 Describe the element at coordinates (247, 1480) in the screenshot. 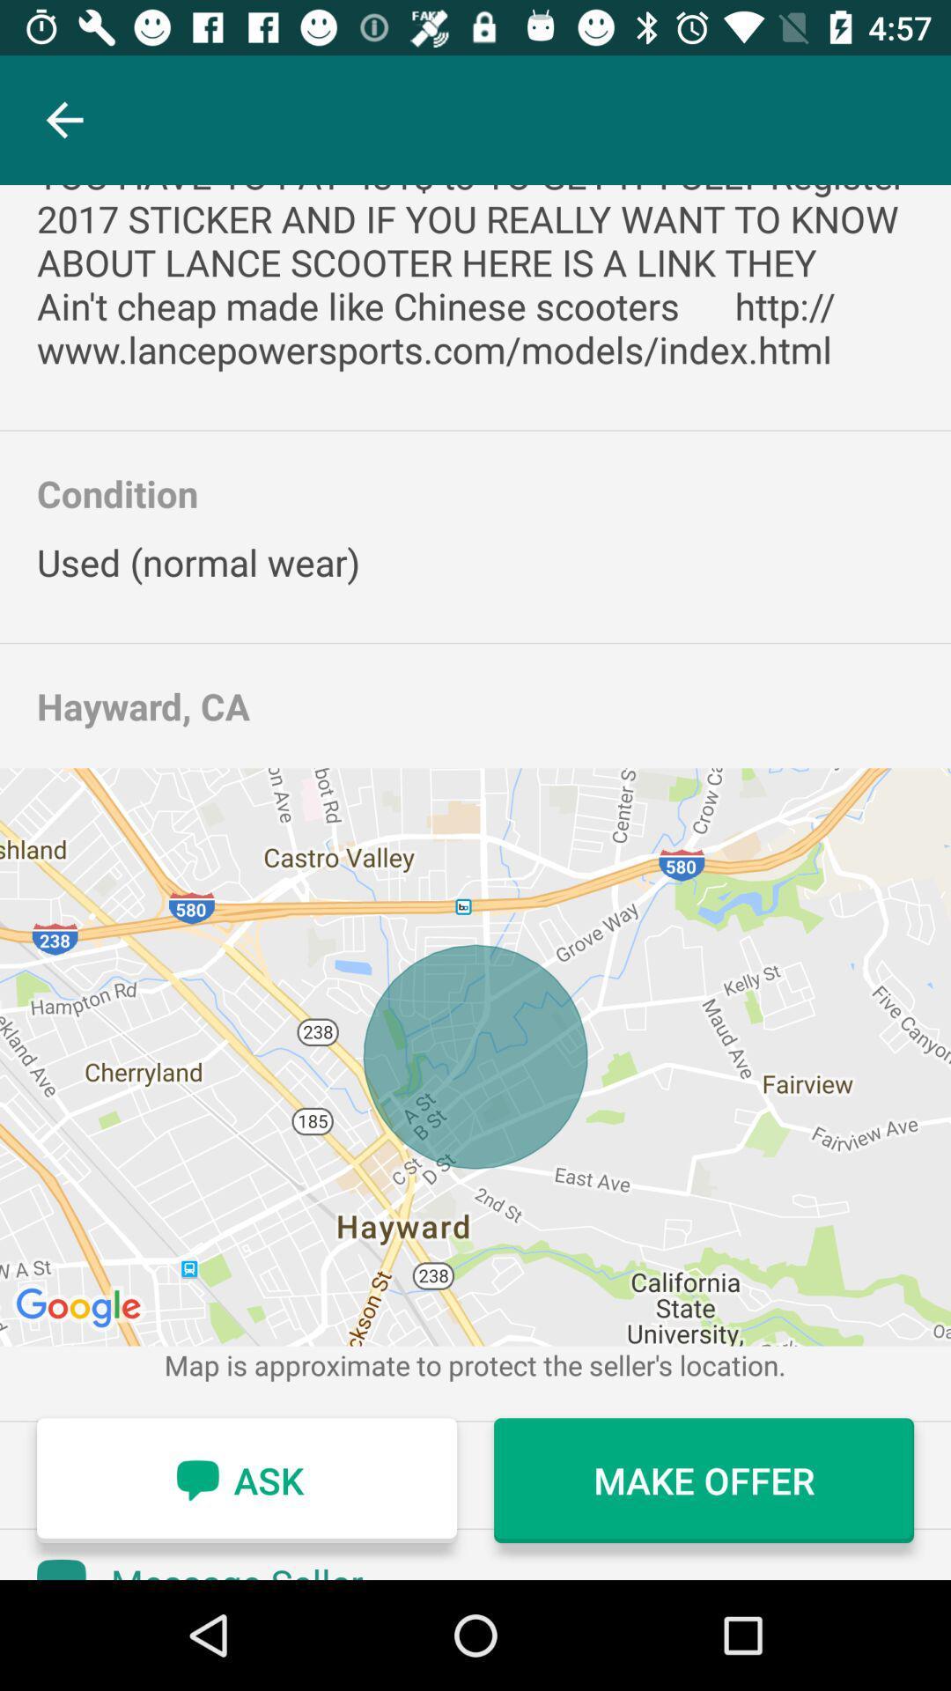

I see `the icon to the left of the make offer item` at that location.